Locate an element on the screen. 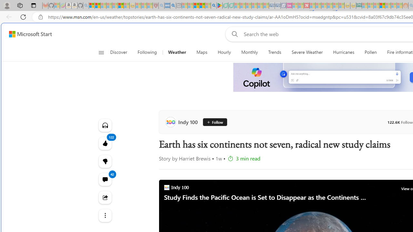 The image size is (413, 232). 'Trends' is located at coordinates (275, 52).